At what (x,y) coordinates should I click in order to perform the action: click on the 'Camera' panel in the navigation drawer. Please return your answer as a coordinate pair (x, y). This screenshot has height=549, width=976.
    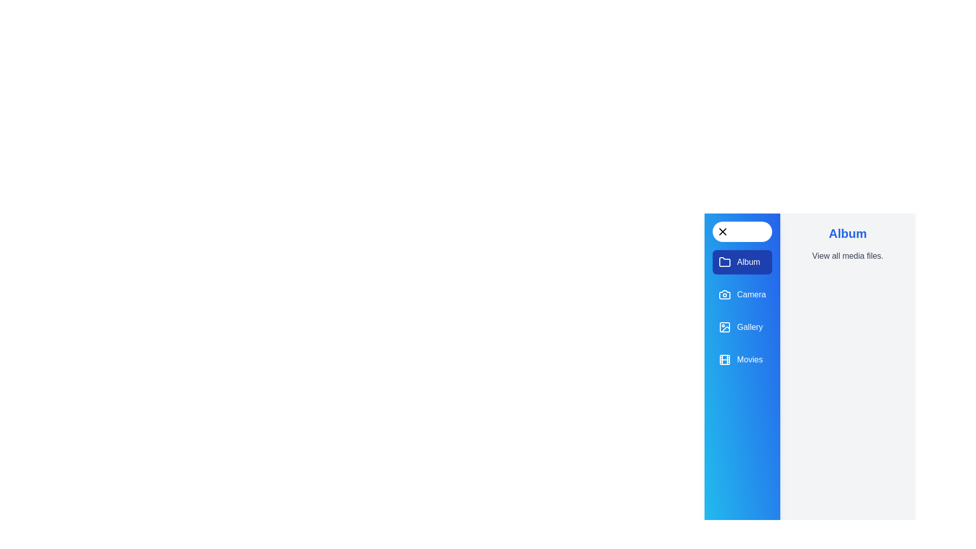
    Looking at the image, I should click on (742, 294).